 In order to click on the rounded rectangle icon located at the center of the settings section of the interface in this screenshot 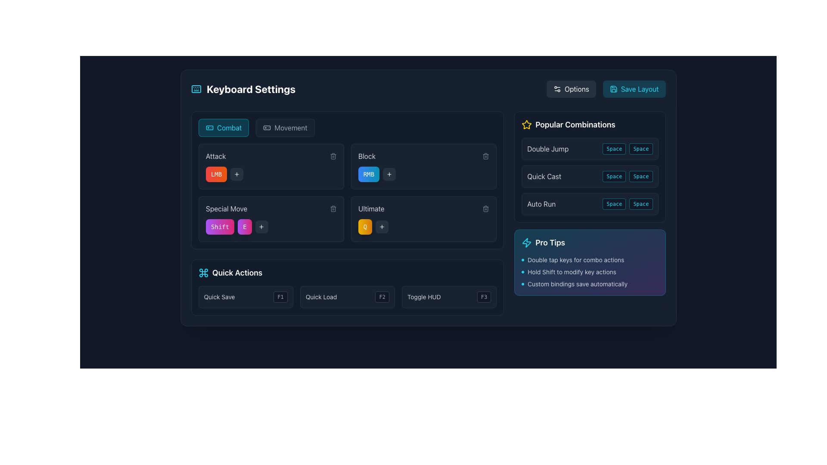, I will do `click(209, 128)`.